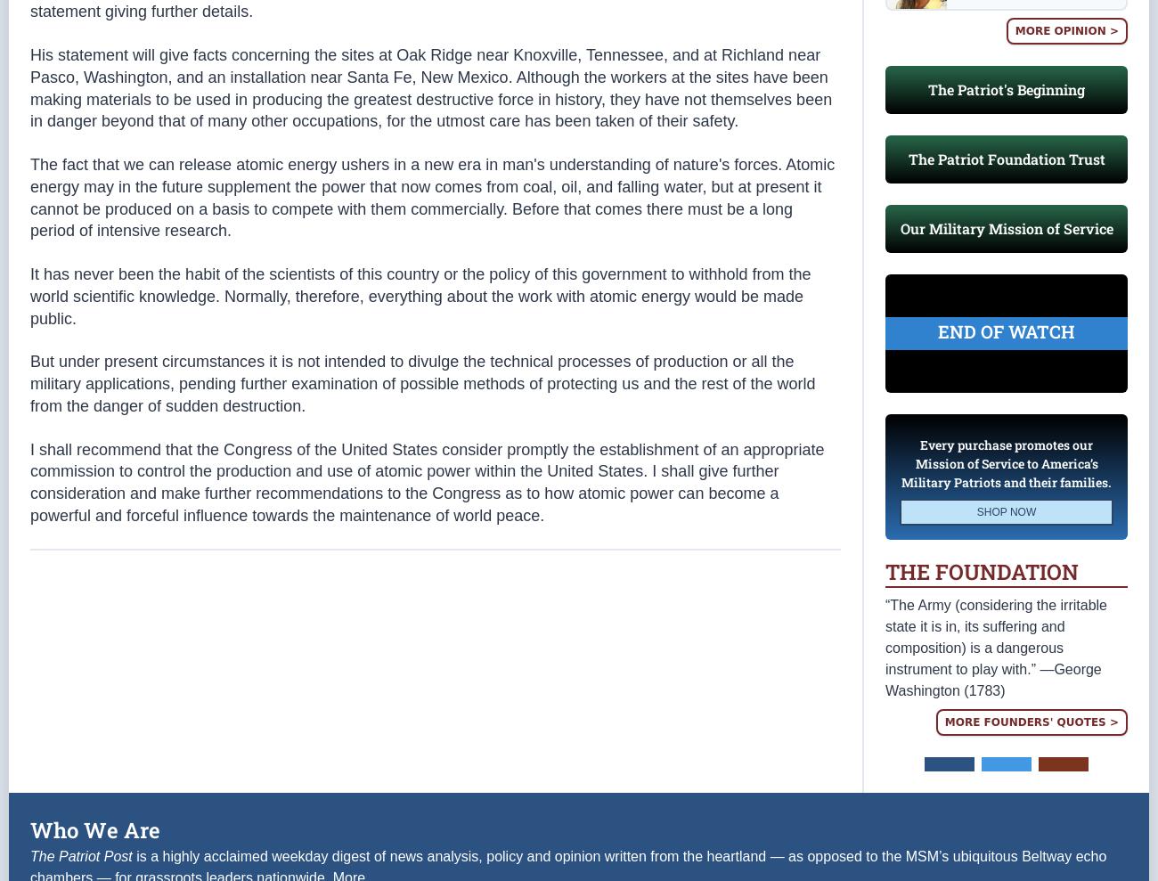  What do you see at coordinates (1005, 89) in the screenshot?
I see `'The Patriot's Beginning'` at bounding box center [1005, 89].